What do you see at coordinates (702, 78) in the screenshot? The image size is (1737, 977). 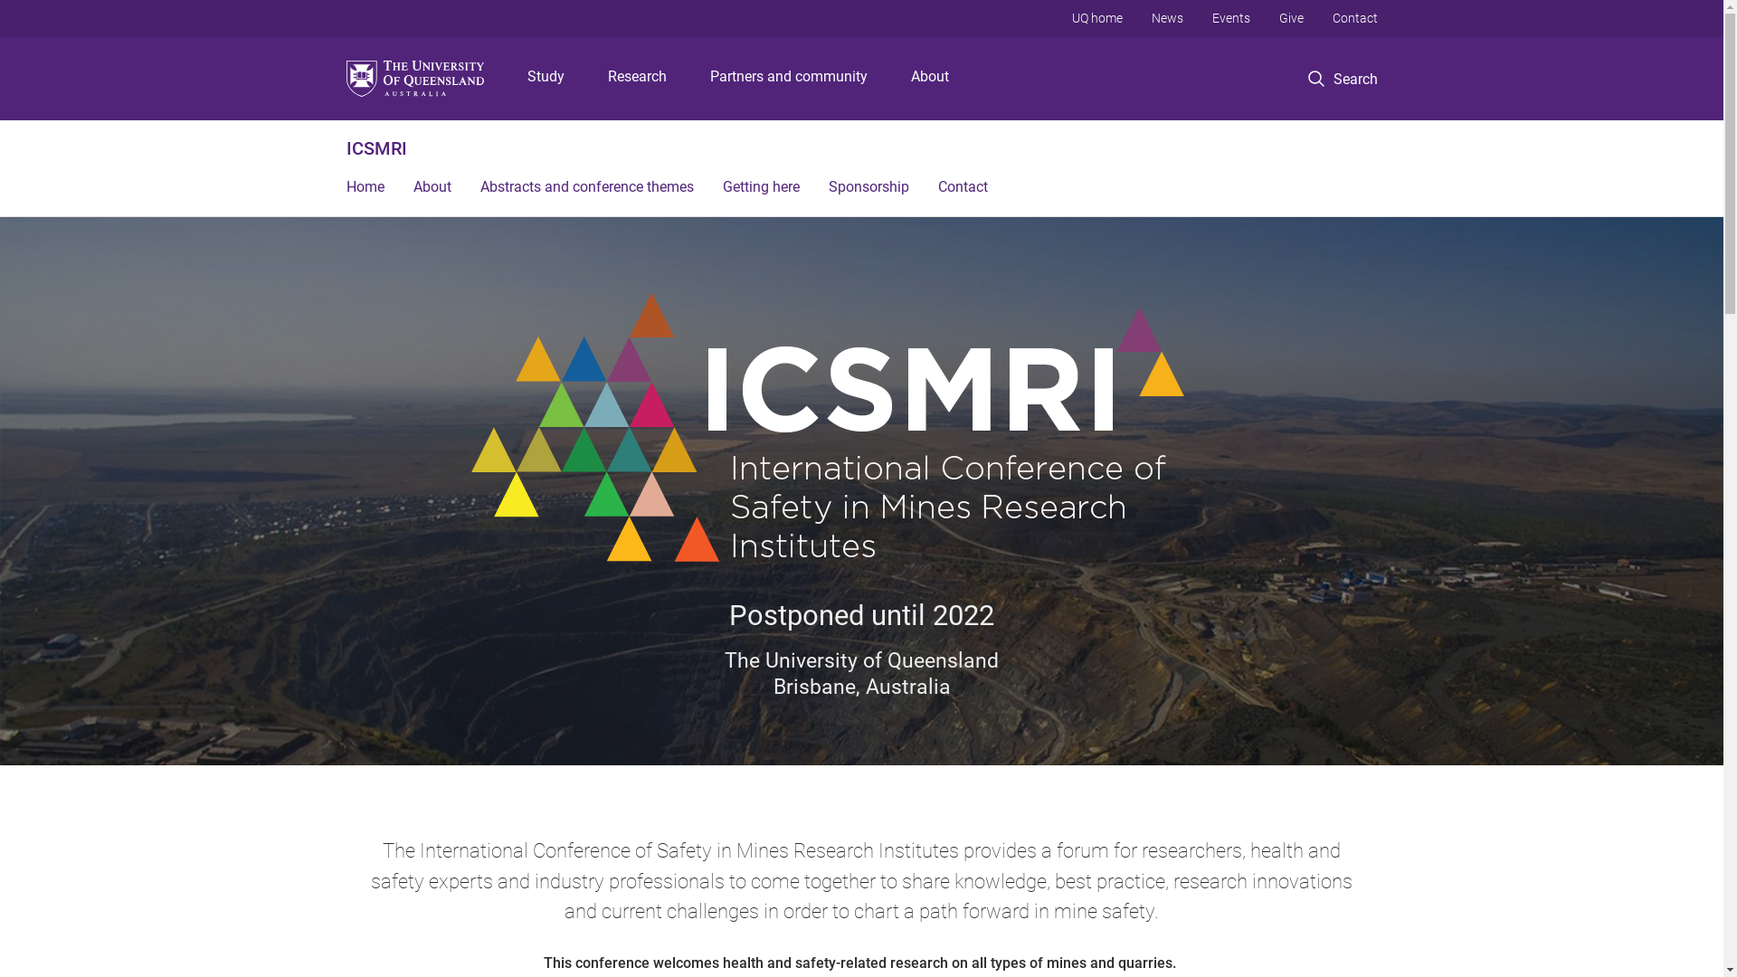 I see `'Partners and community'` at bounding box center [702, 78].